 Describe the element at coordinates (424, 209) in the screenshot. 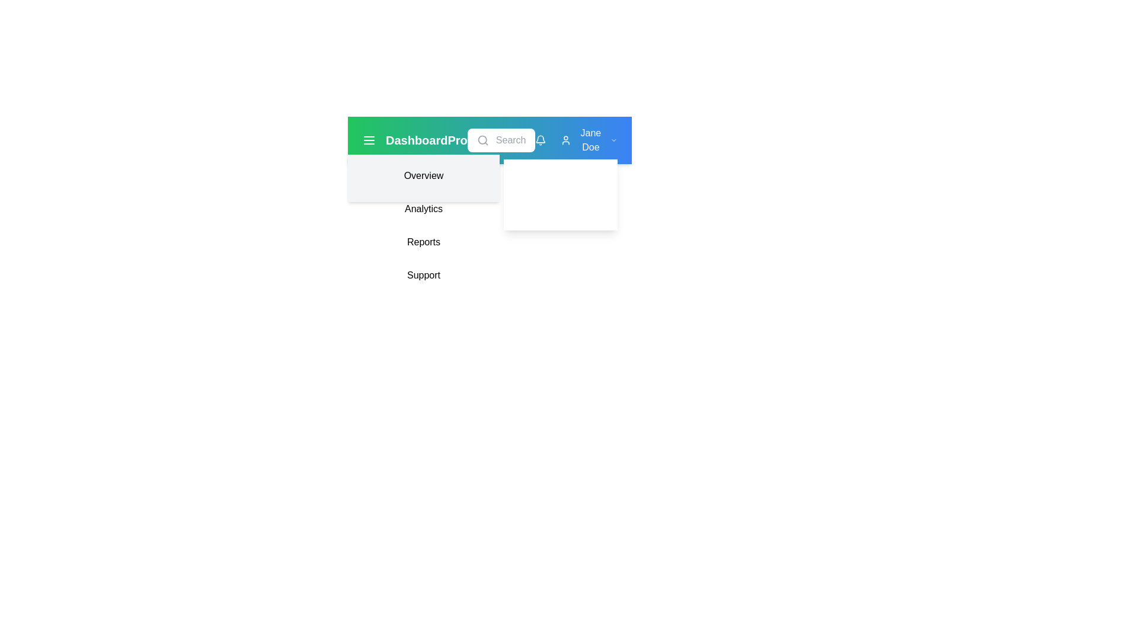

I see `the 'Analytics' button, which is the second item in the vertical menu list, located directly below the 'Overview' item` at that location.